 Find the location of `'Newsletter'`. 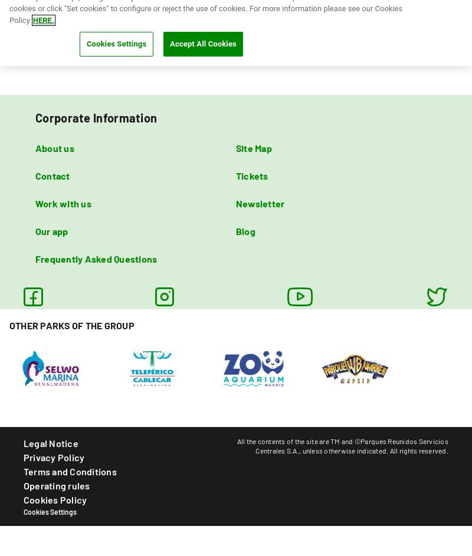

'Newsletter' is located at coordinates (236, 202).